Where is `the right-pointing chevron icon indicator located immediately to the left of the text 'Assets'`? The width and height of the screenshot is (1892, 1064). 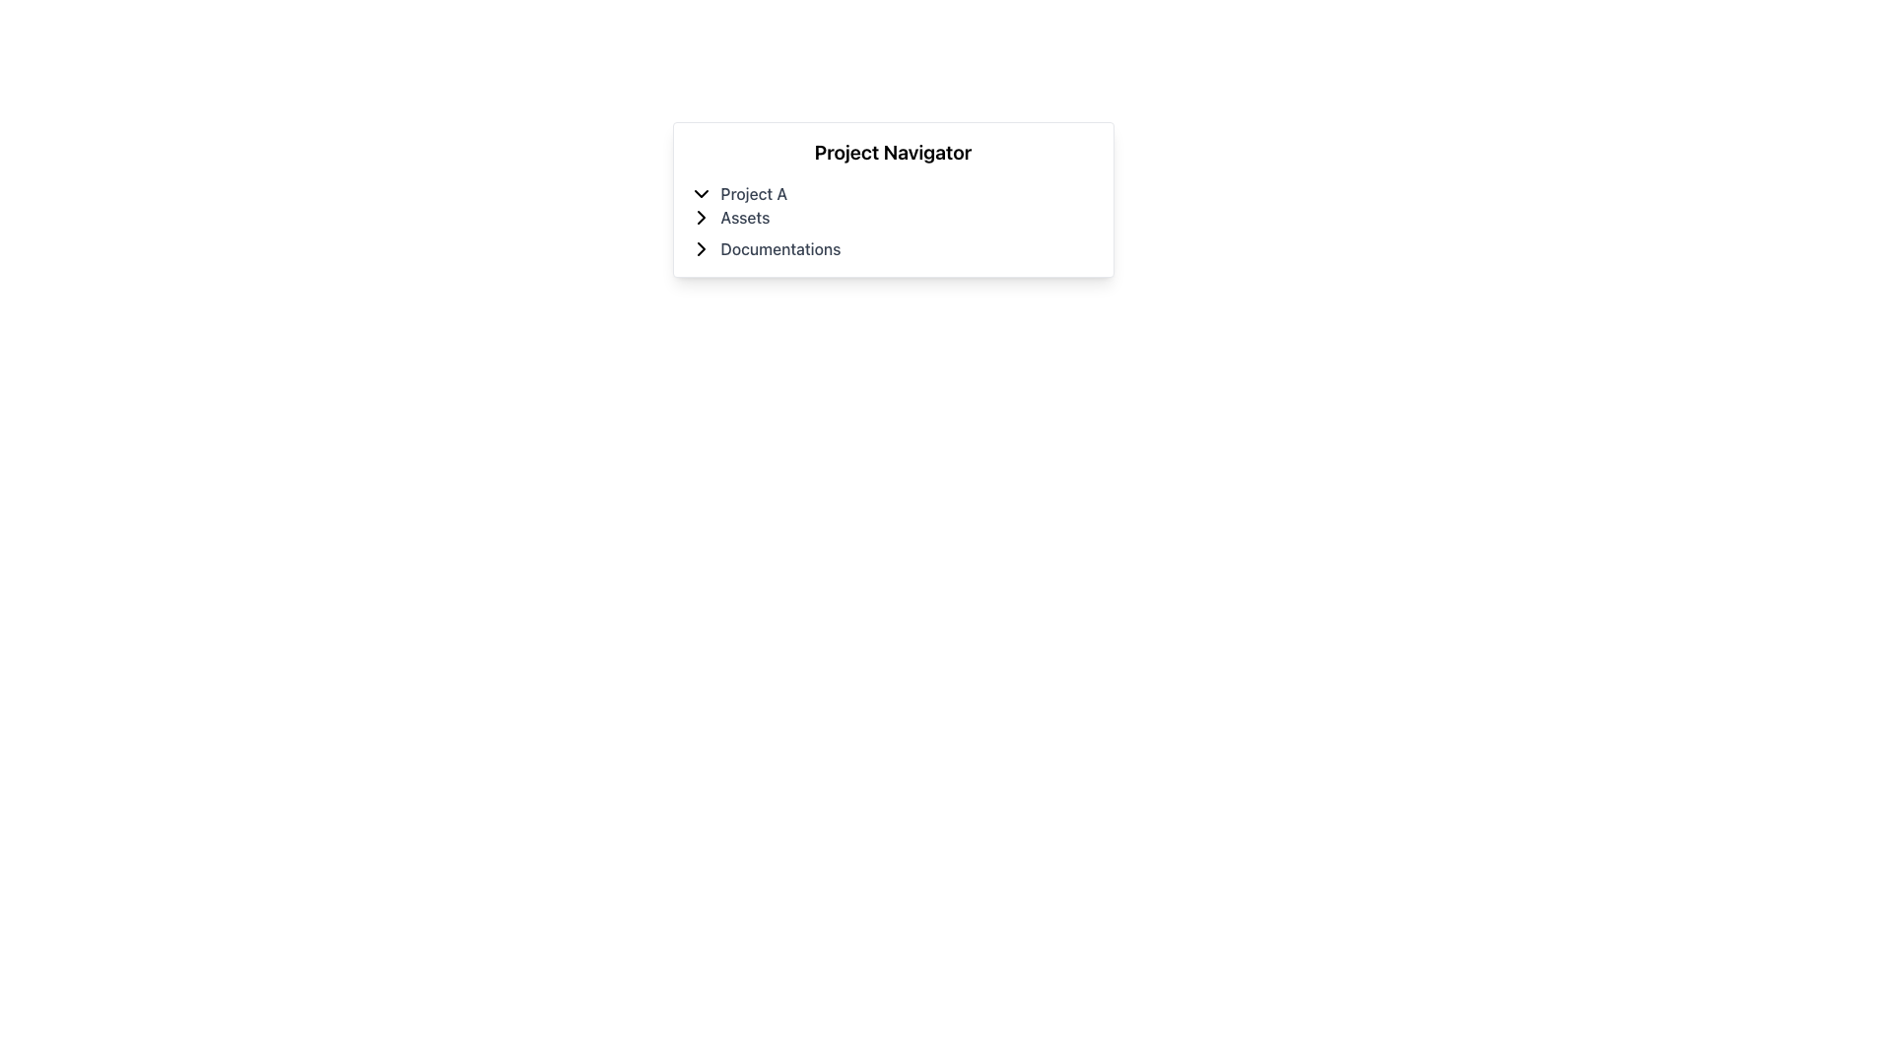 the right-pointing chevron icon indicator located immediately to the left of the text 'Assets' is located at coordinates (701, 217).